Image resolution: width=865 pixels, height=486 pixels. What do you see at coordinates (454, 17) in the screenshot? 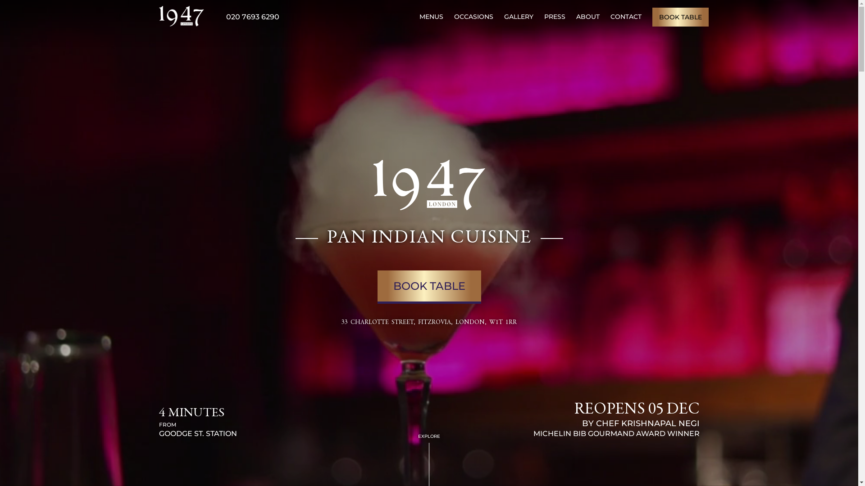
I see `'OCCASIONS'` at bounding box center [454, 17].